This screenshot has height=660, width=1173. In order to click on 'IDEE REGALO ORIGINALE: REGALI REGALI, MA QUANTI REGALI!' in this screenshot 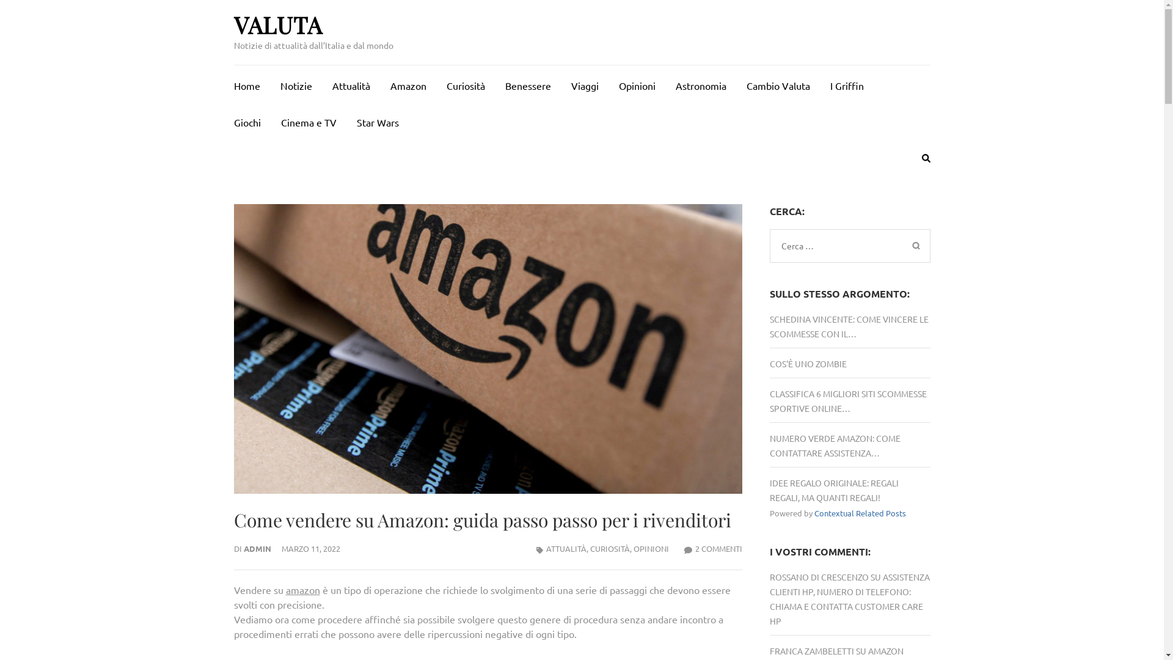, I will do `click(769, 490)`.